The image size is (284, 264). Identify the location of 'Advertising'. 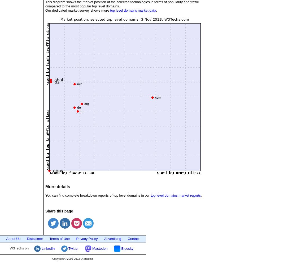
(112, 239).